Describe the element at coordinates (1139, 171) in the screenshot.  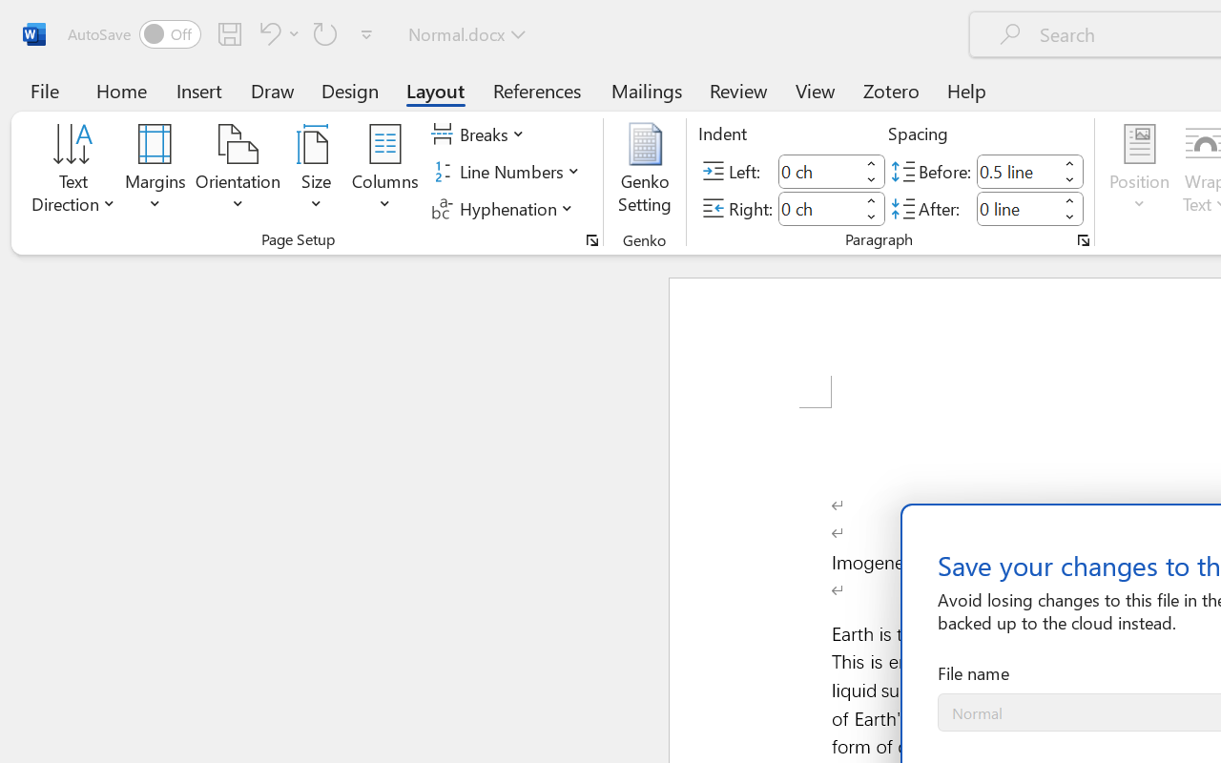
I see `'Position'` at that location.